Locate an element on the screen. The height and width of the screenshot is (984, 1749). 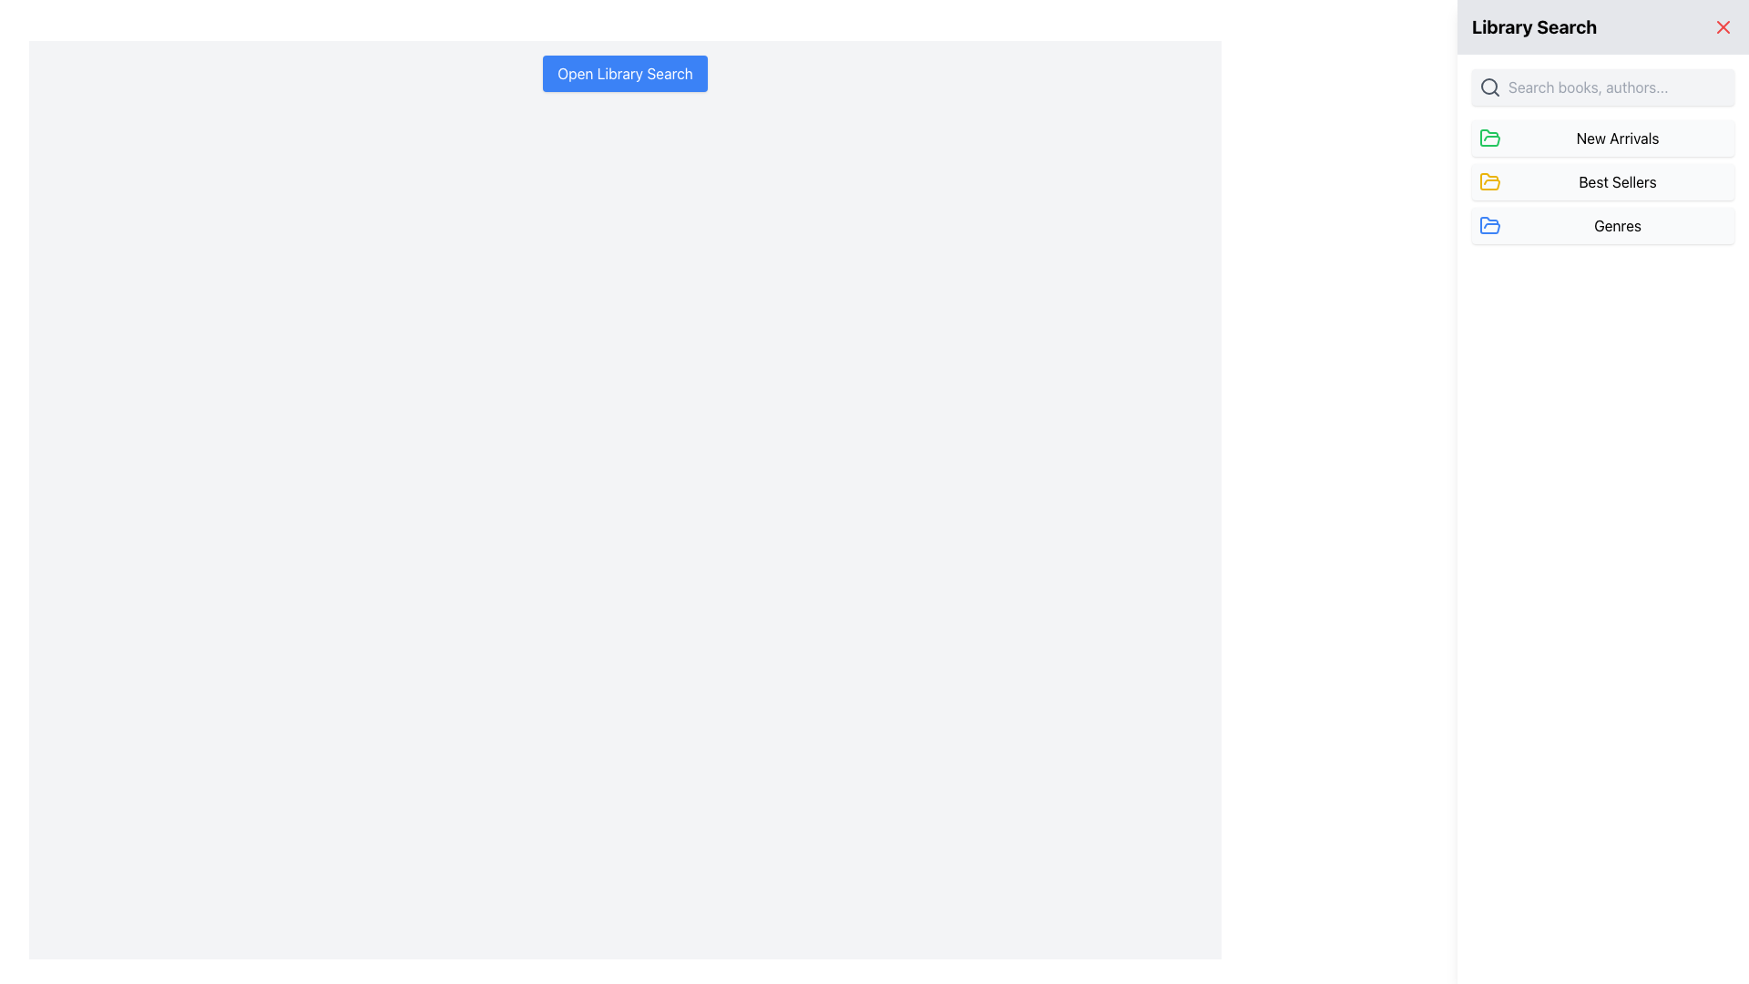
the red cross icon located at the top-right corner of the 'Library Search' panel is located at coordinates (1722, 27).